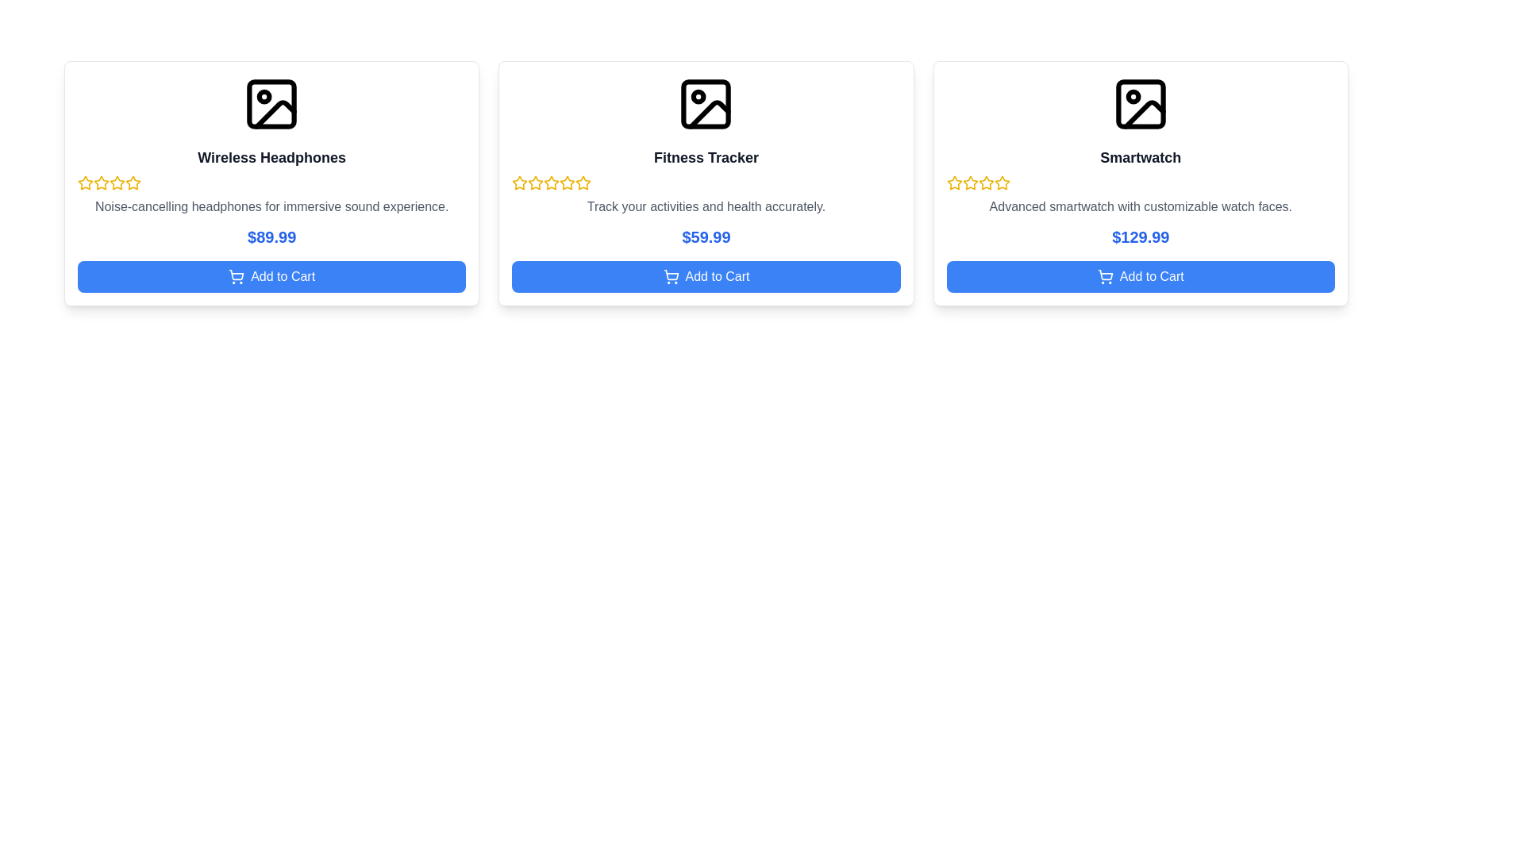 This screenshot has height=857, width=1524. What do you see at coordinates (271, 275) in the screenshot?
I see `the button located at the bottom center of the product card for 'Wireless Headphones'` at bounding box center [271, 275].